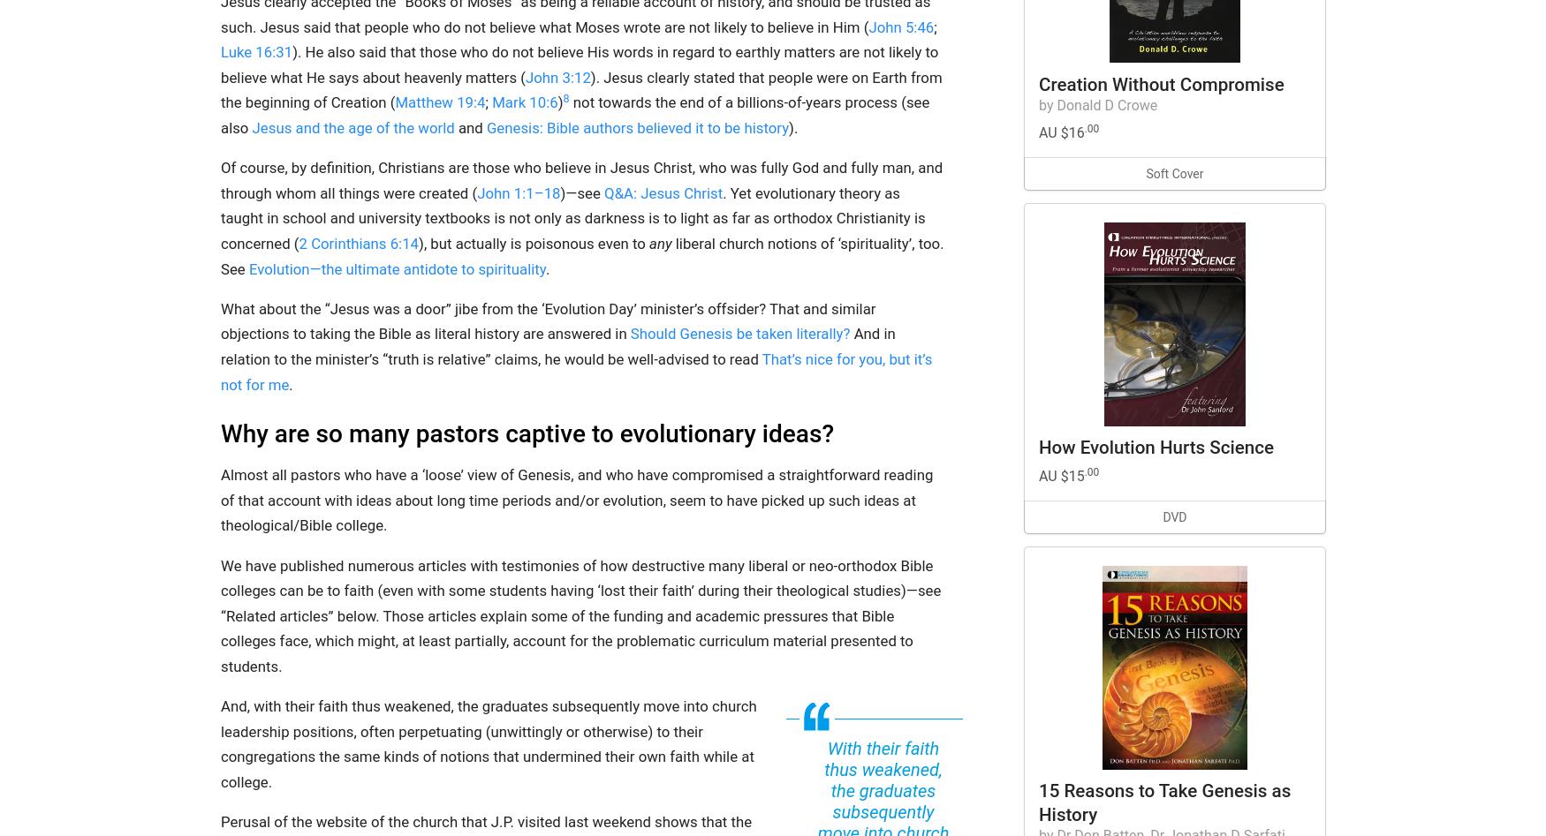  What do you see at coordinates (581, 254) in the screenshot?
I see `'liberal church notions of ‘spirituality’, too. See'` at bounding box center [581, 254].